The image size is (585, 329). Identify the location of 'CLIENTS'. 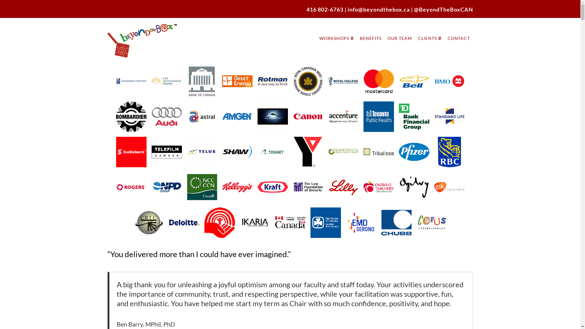
(429, 32).